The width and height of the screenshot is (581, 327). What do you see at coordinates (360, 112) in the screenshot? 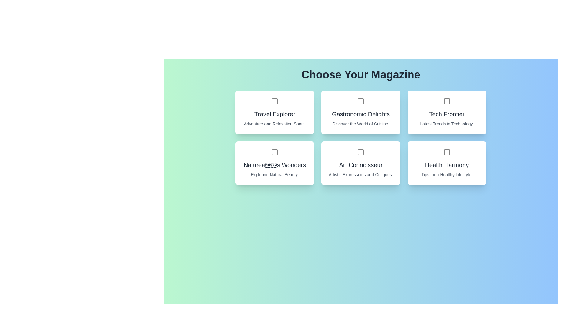
I see `the magazine card titled 'Gastronomic Delights' to observe its hover effect` at bounding box center [360, 112].